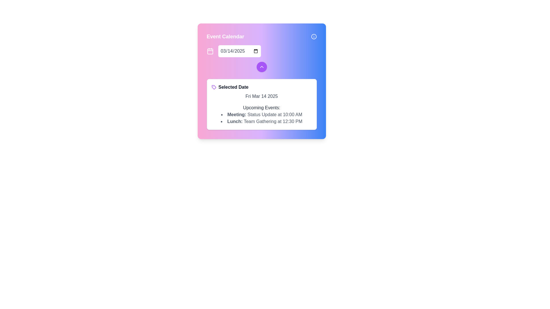 This screenshot has height=309, width=550. I want to click on the navigation buttons of the Interactive Calendar Widget located below the 'Event Calendar' title and above the event details section, so click(261, 81).